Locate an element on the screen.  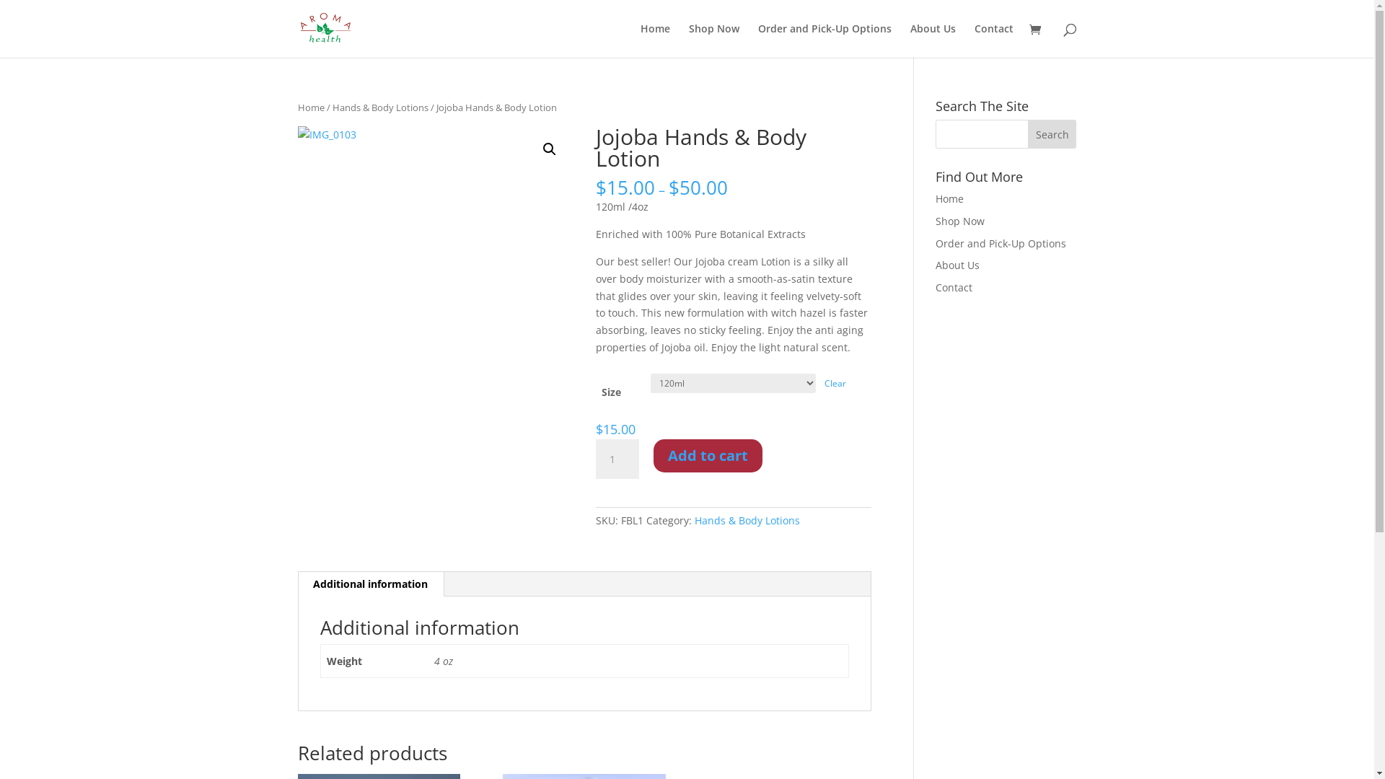
'Add to cart' is located at coordinates (708, 456).